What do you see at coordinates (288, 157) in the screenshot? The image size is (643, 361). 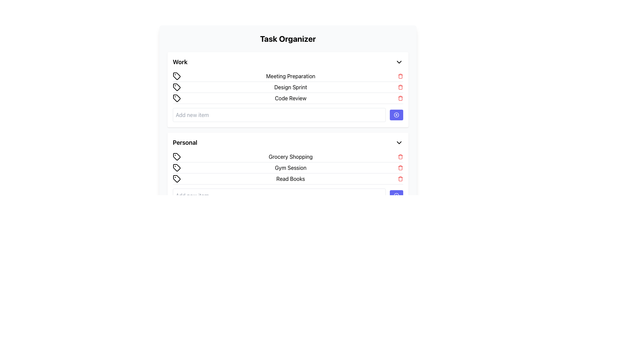 I see `text 'Grocery Shopping' from the first list item under the 'Personal' section, which has a tag icon on the left and a delete icon on the right` at bounding box center [288, 157].